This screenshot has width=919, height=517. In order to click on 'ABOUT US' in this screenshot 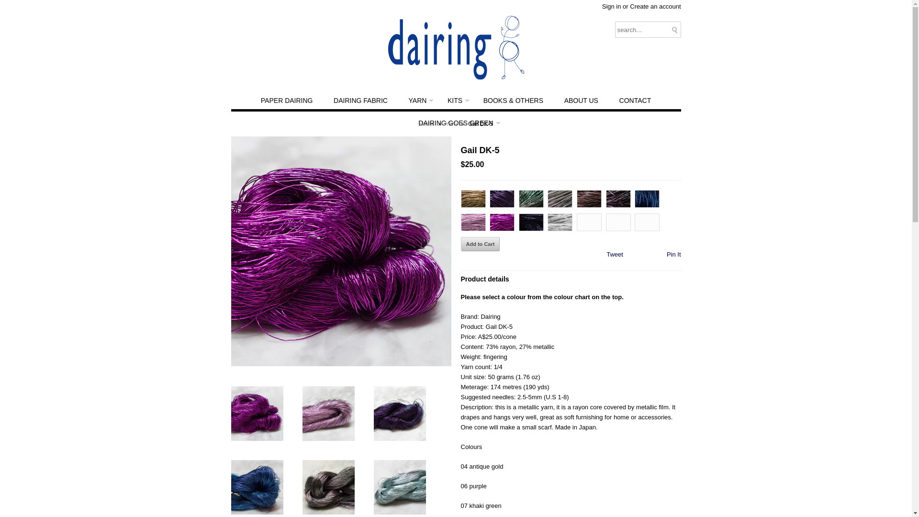, I will do `click(581, 101)`.